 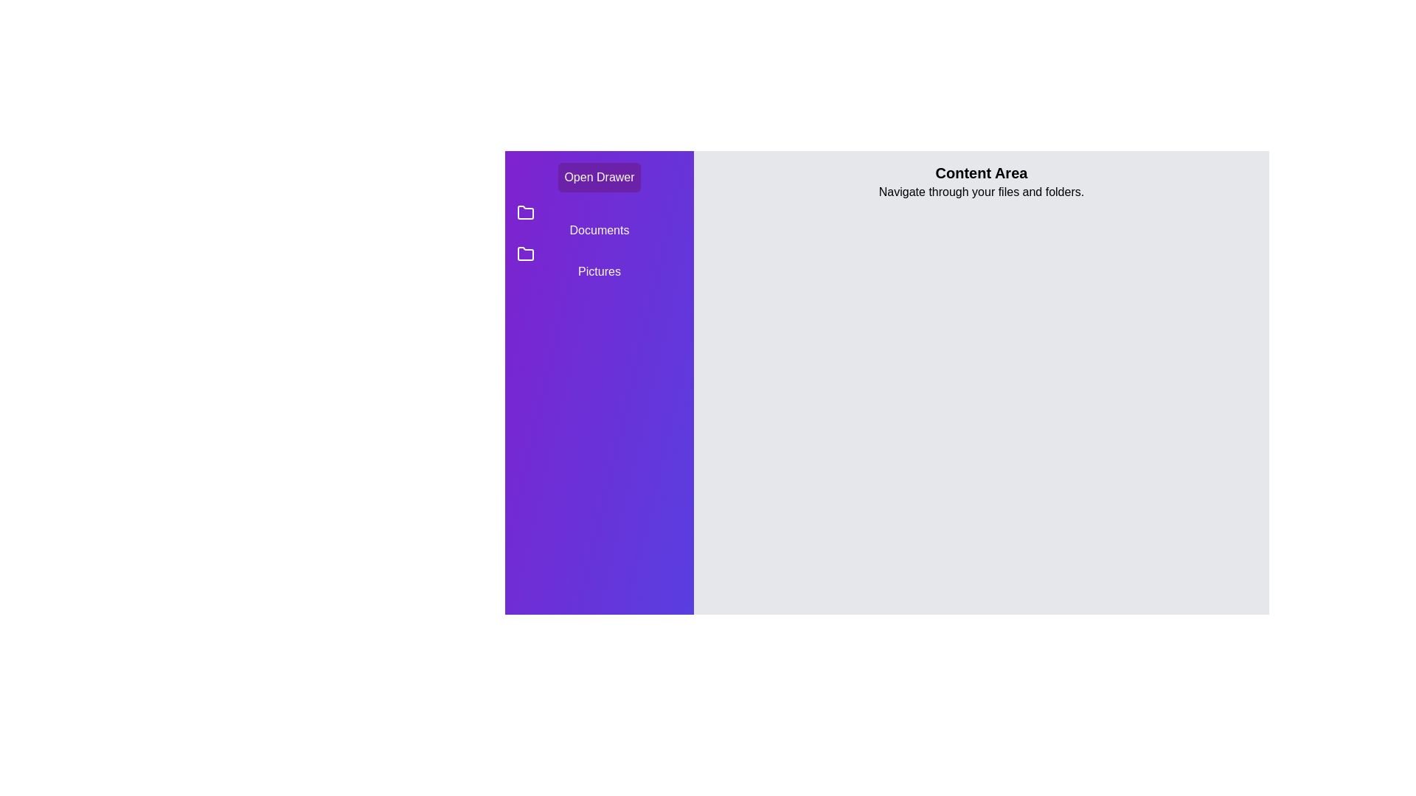 What do you see at coordinates (599, 176) in the screenshot?
I see `the 'Open Drawer' button to toggle the drawer open/close state` at bounding box center [599, 176].